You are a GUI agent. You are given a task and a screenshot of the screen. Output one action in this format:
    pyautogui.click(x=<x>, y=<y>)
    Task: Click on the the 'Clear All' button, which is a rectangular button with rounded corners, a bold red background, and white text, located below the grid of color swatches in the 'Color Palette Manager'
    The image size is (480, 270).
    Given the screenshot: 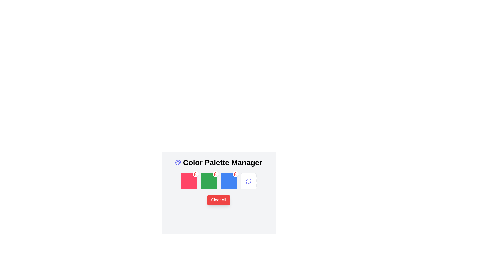 What is the action you would take?
    pyautogui.click(x=218, y=200)
    